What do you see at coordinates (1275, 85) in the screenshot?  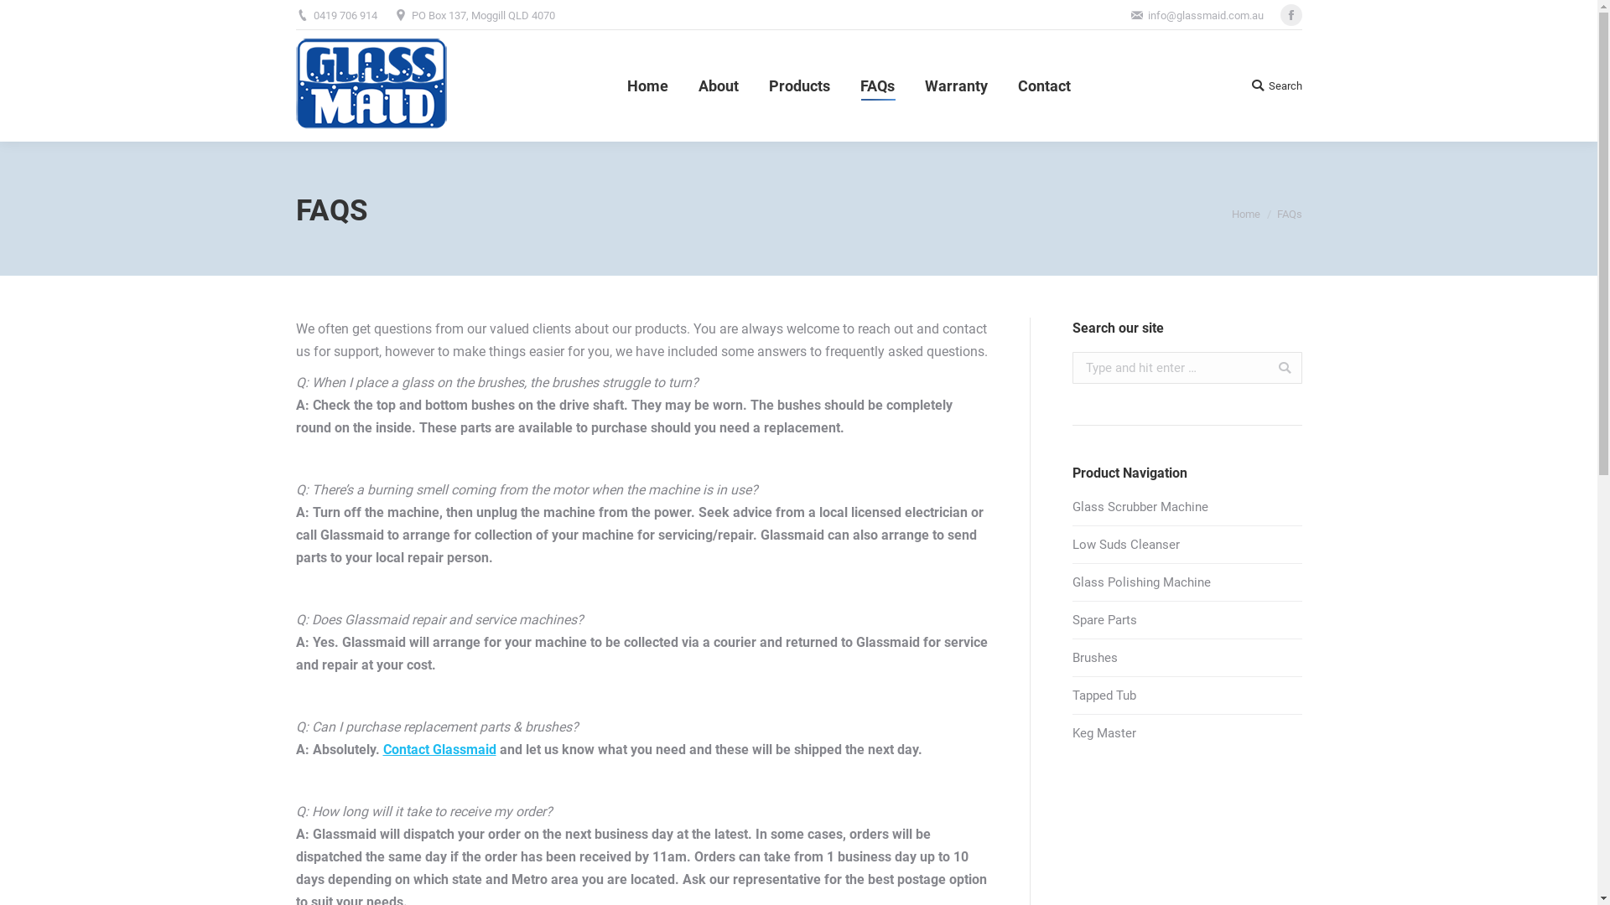 I see `'Search'` at bounding box center [1275, 85].